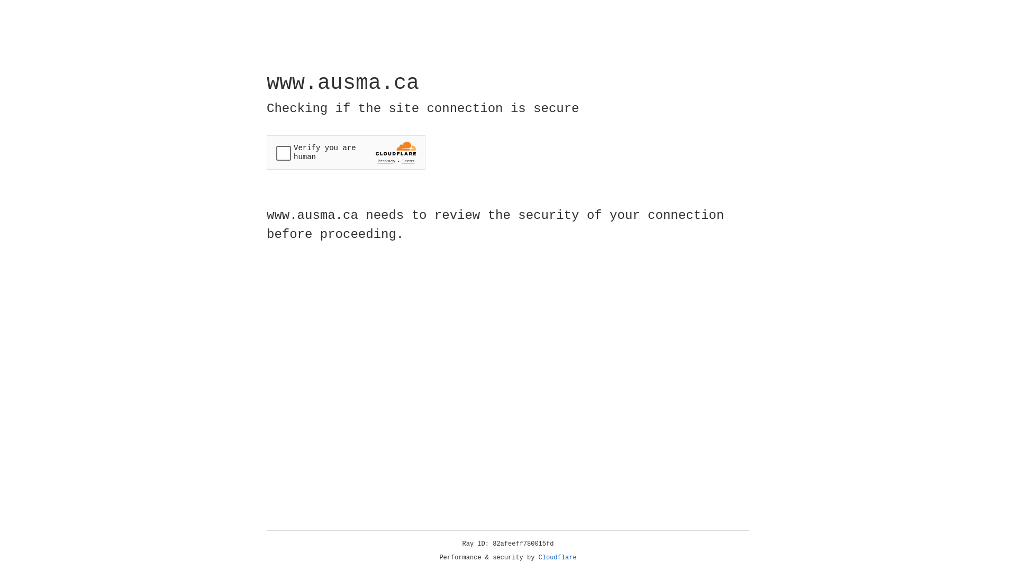 This screenshot has width=1016, height=571. What do you see at coordinates (346, 152) in the screenshot?
I see `'Widget containing a Cloudflare security challenge'` at bounding box center [346, 152].